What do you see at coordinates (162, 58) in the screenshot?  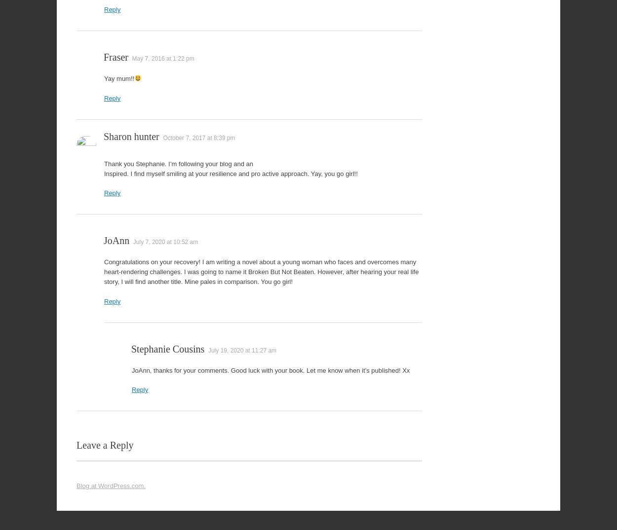 I see `'May 7, 2016 at 1:22 pm'` at bounding box center [162, 58].